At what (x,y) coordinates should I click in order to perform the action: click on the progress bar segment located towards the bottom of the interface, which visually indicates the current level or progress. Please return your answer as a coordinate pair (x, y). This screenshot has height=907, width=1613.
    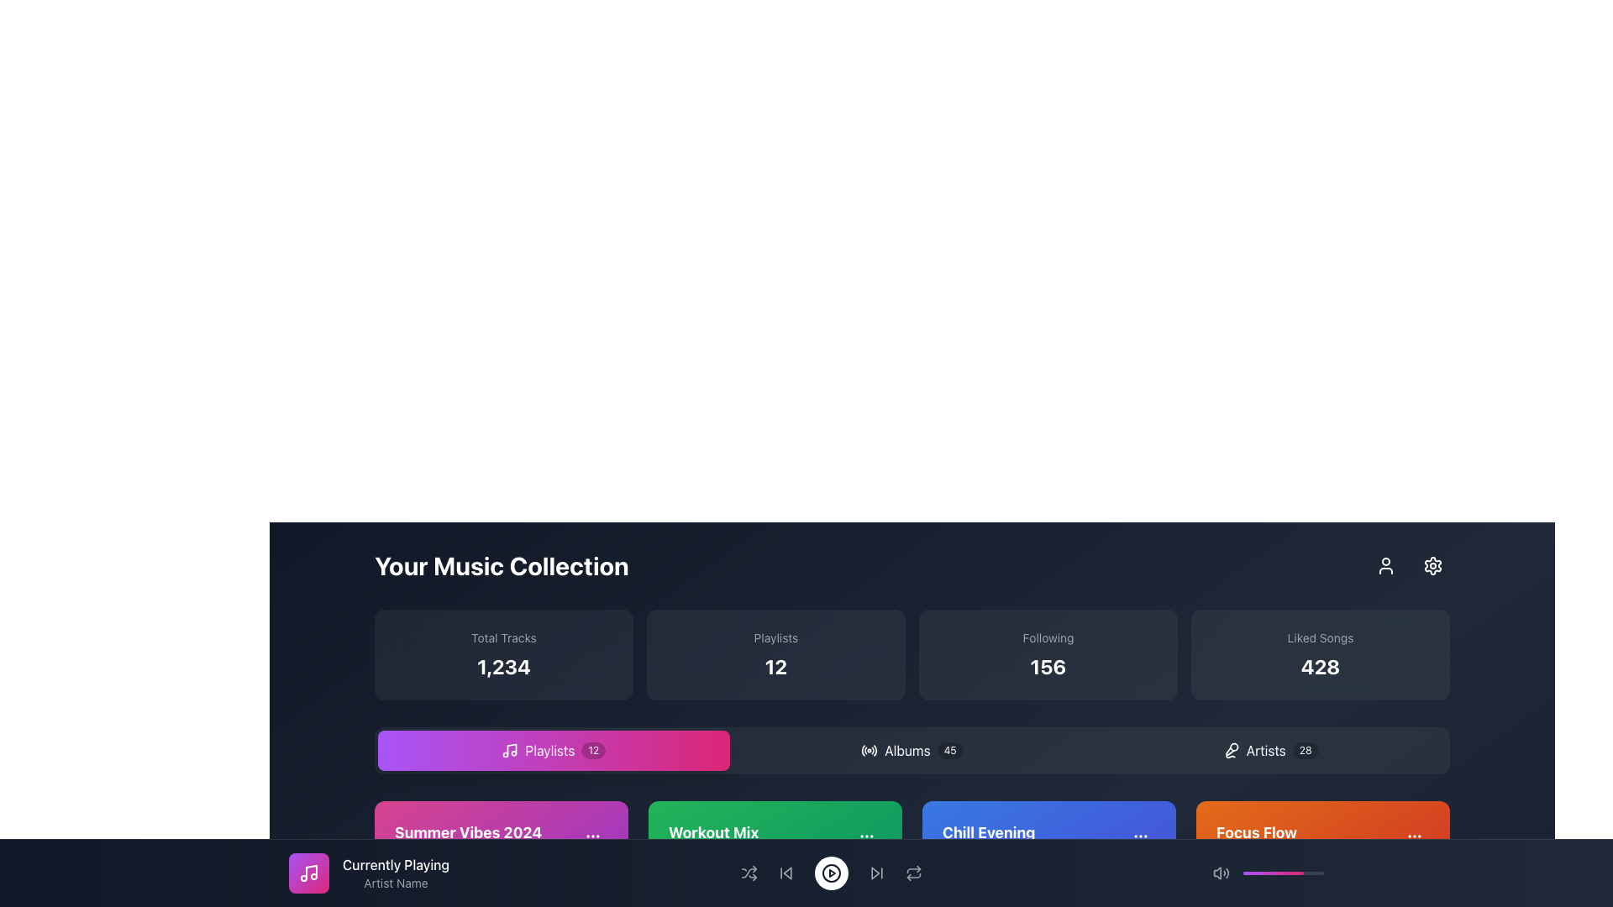
    Looking at the image, I should click on (1274, 873).